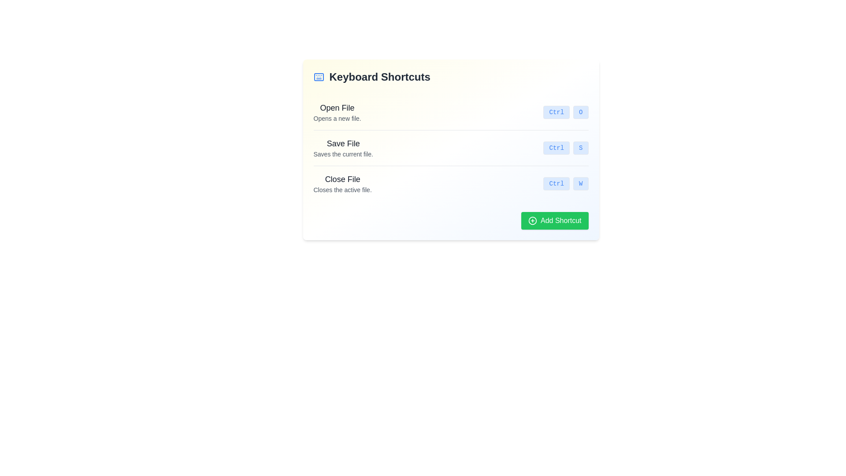 This screenshot has height=476, width=846. Describe the element at coordinates (532, 220) in the screenshot. I see `the circular icon with a plus symbol, located to the left of the green 'Add Shortcut' button` at that location.